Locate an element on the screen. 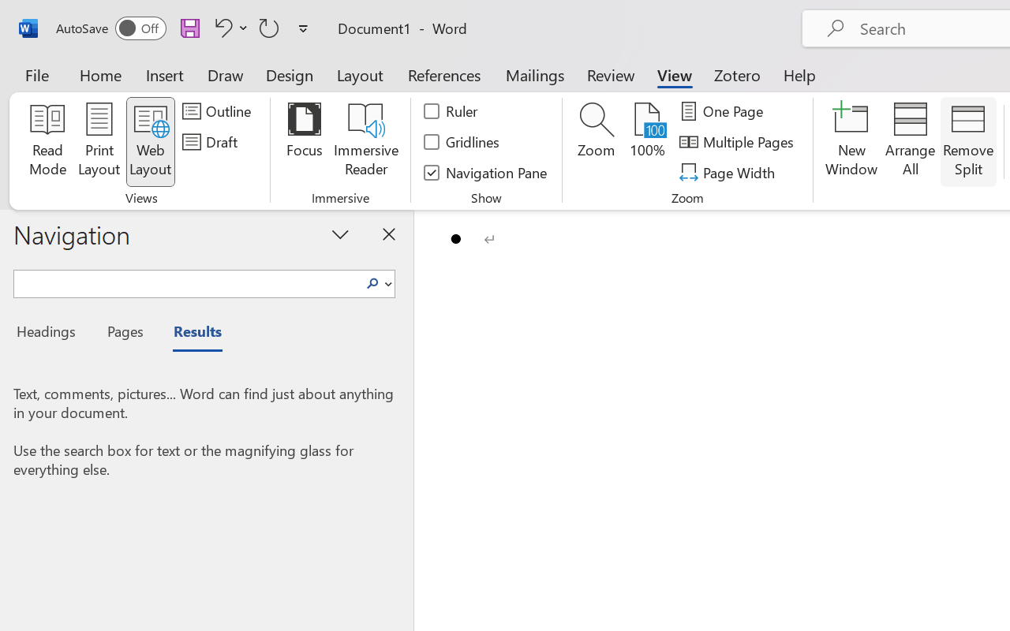 The width and height of the screenshot is (1010, 631). 'Zoom...' is located at coordinates (595, 141).